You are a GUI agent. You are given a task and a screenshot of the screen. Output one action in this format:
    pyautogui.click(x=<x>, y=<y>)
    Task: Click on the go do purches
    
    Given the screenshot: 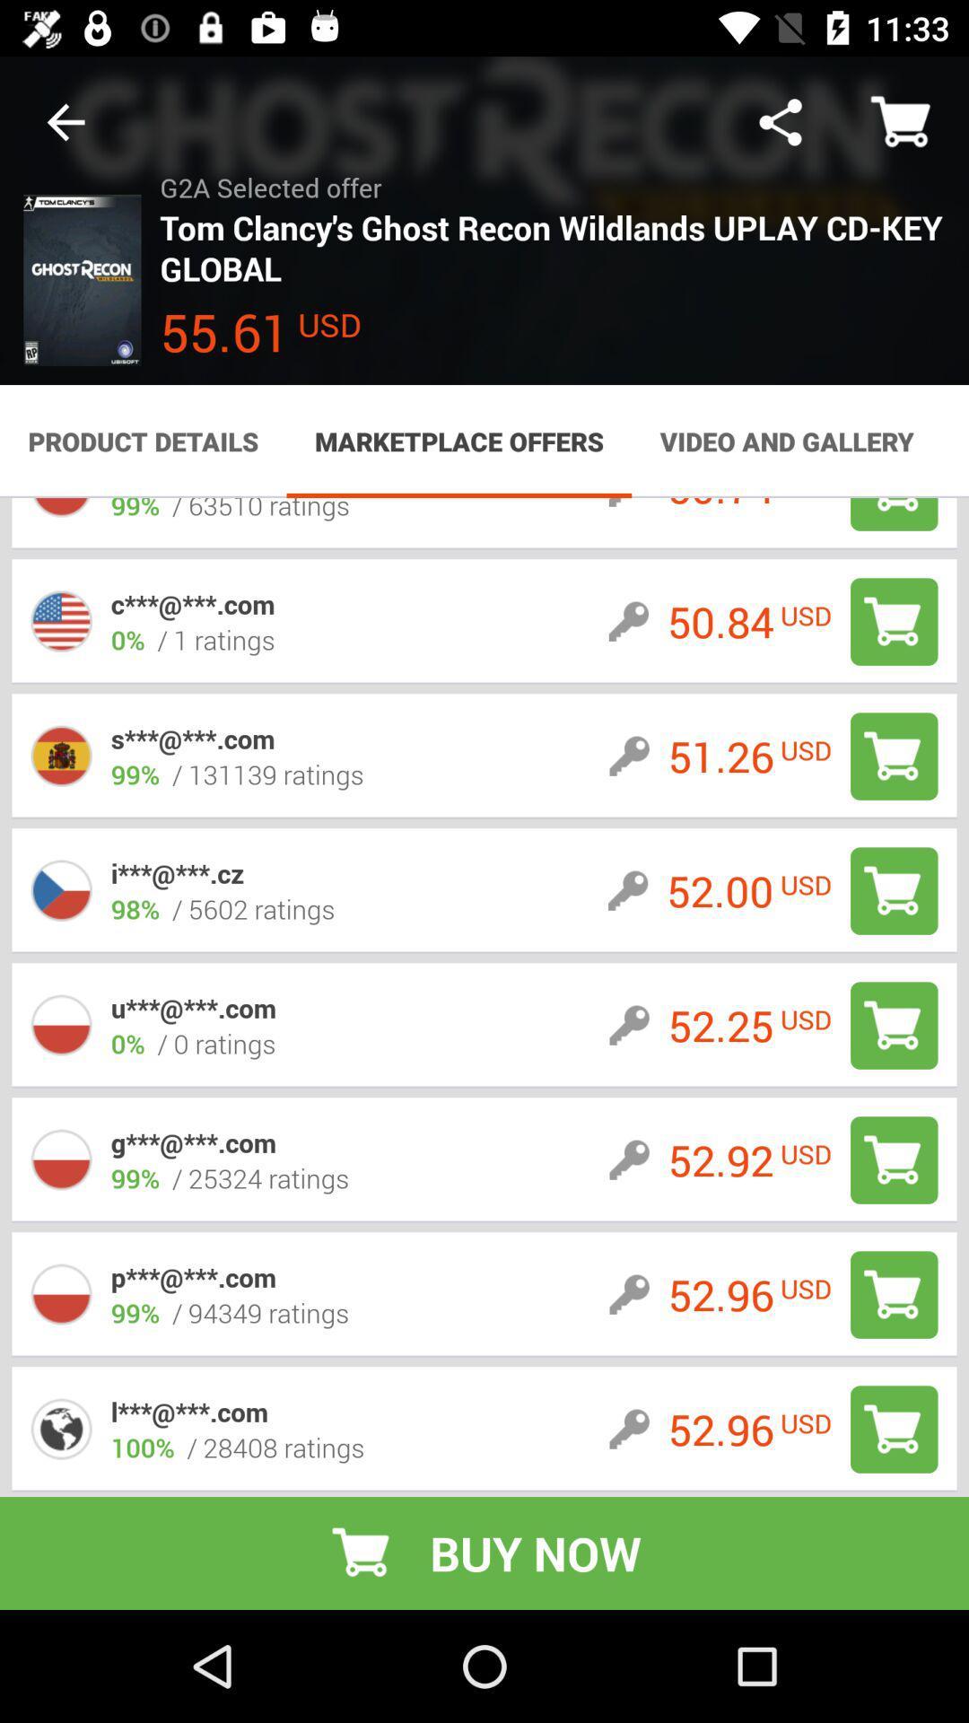 What is the action you would take?
    pyautogui.click(x=894, y=1295)
    